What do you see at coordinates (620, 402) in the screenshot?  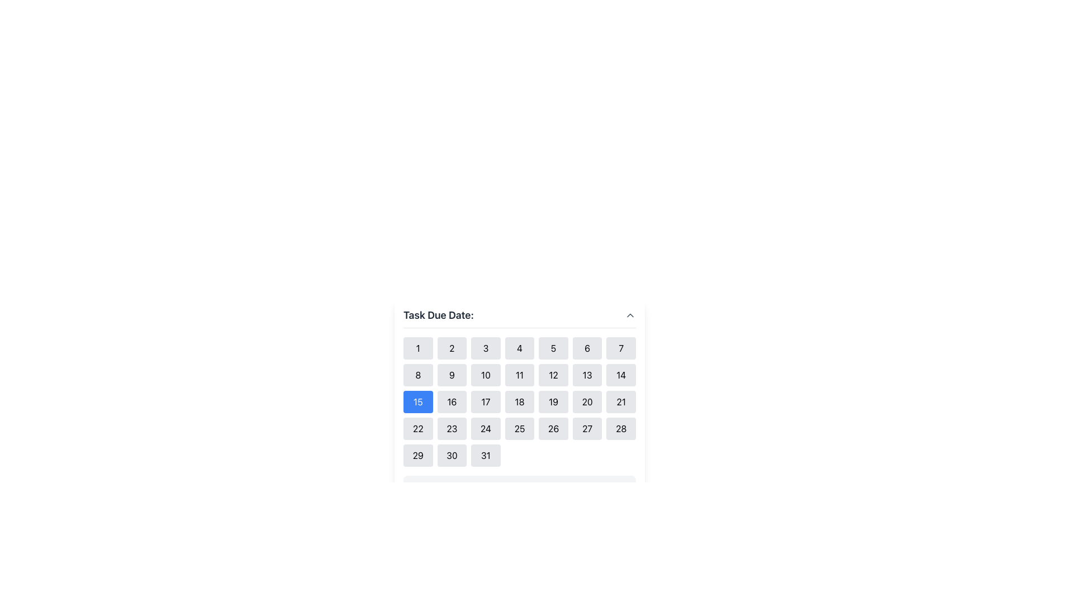 I see `the button displaying the number '21' located in the seventh column of the third row under the label 'Task Due Date:' to trigger the background color change from gray to blue` at bounding box center [620, 402].